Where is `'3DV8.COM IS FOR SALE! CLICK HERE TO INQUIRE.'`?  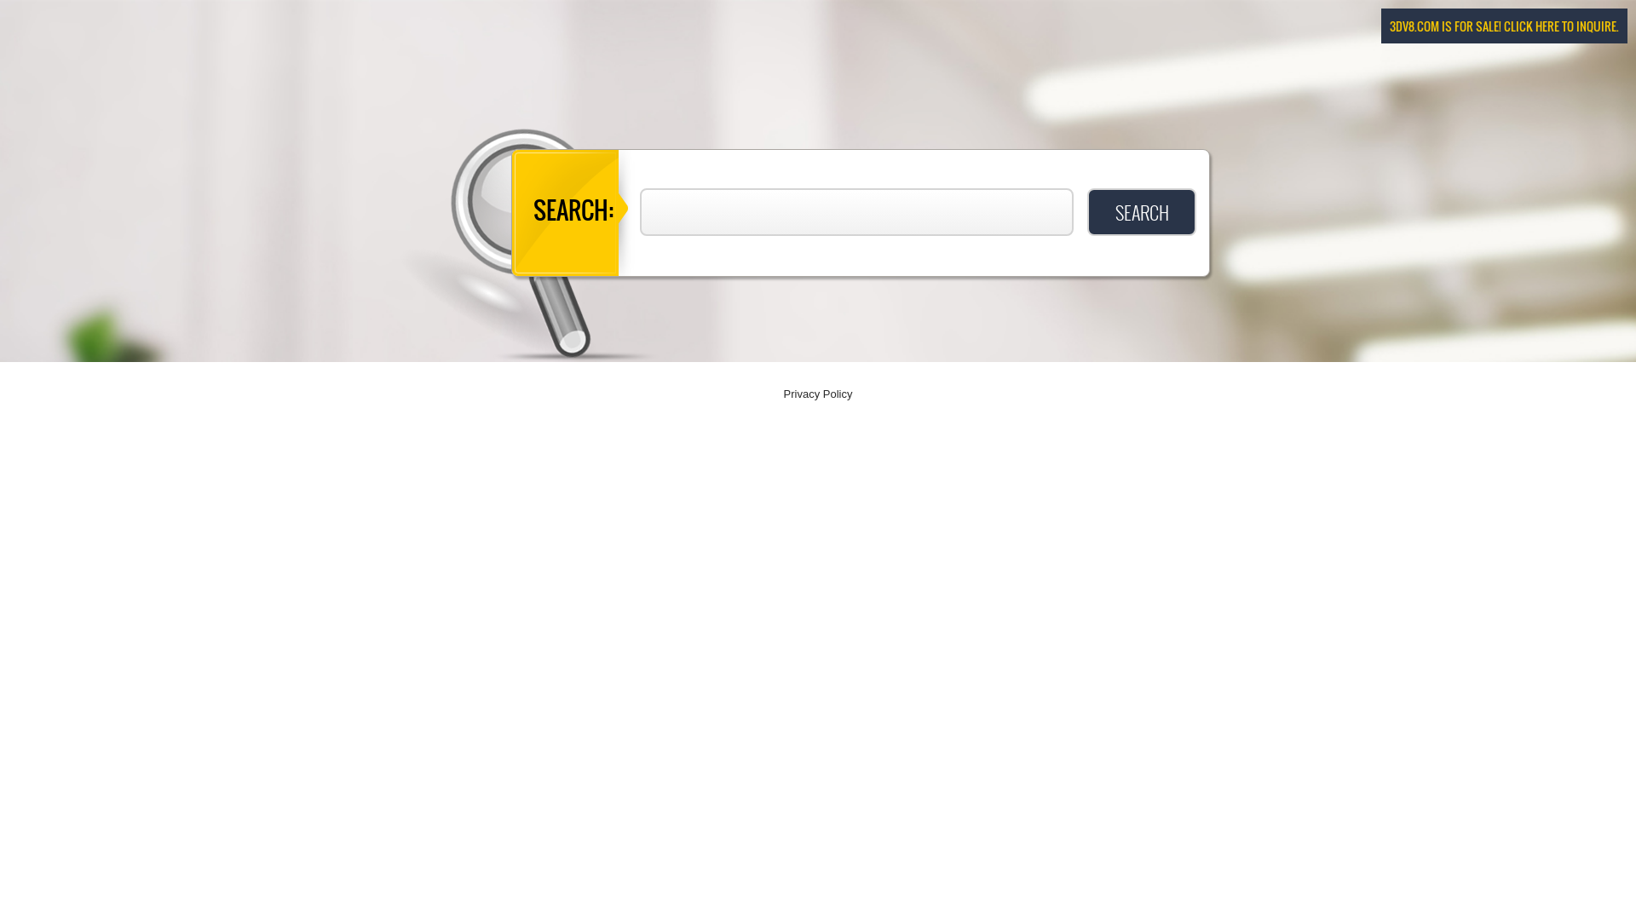 '3DV8.COM IS FOR SALE! CLICK HERE TO INQUIRE.' is located at coordinates (1504, 26).